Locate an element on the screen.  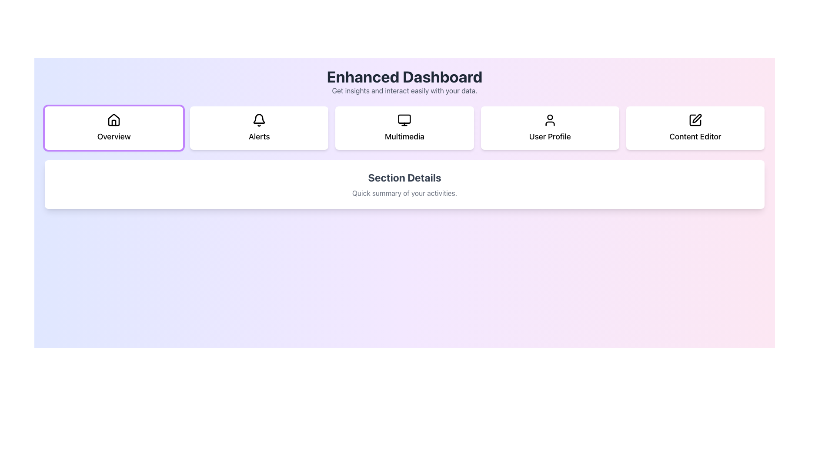
the house icon that symbolizes the 'Overview' section at the top of the card-like component is located at coordinates (114, 120).